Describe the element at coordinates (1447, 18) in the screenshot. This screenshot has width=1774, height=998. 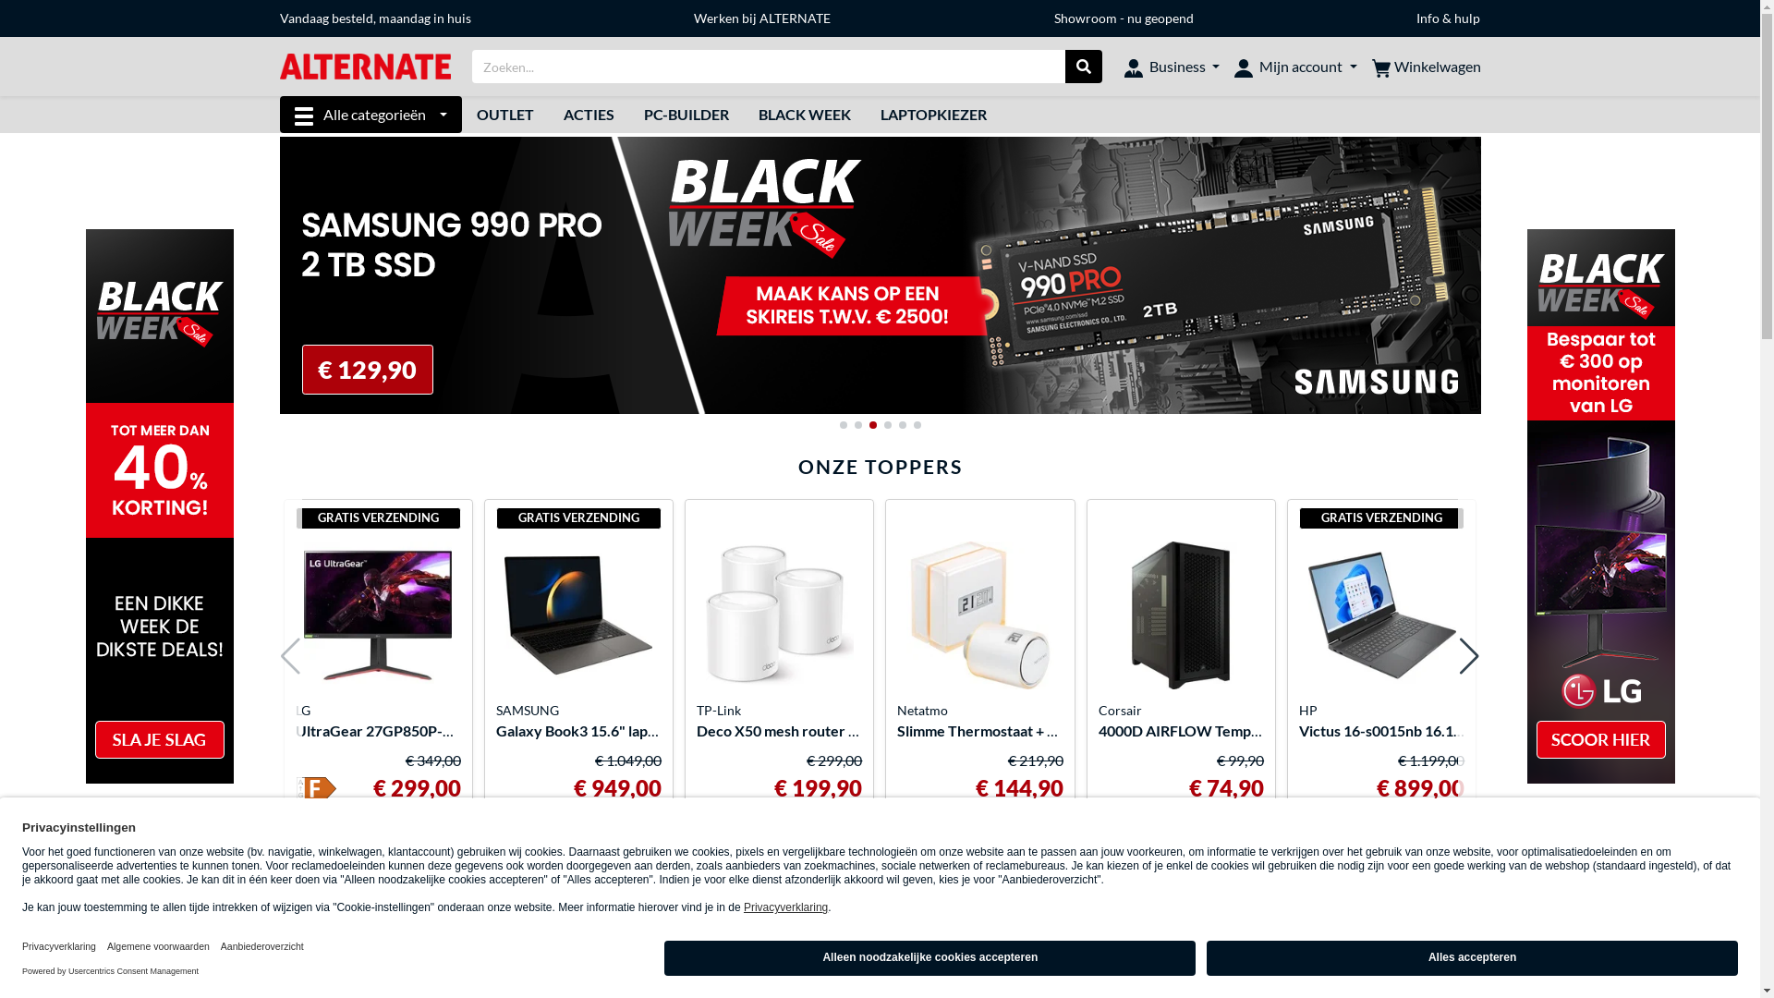
I see `'Info & hulp'` at that location.